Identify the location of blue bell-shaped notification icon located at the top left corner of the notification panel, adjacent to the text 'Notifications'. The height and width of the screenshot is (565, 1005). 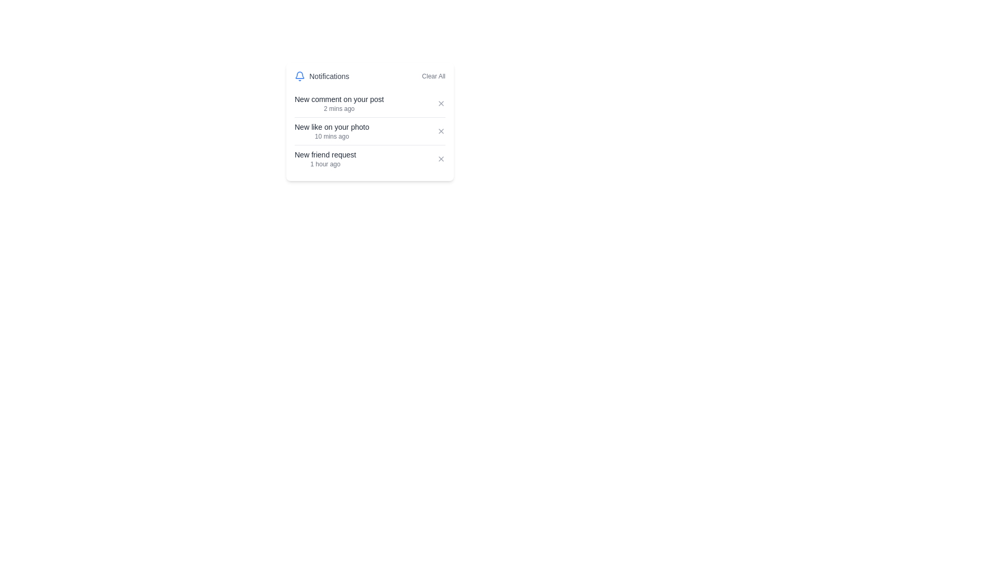
(299, 74).